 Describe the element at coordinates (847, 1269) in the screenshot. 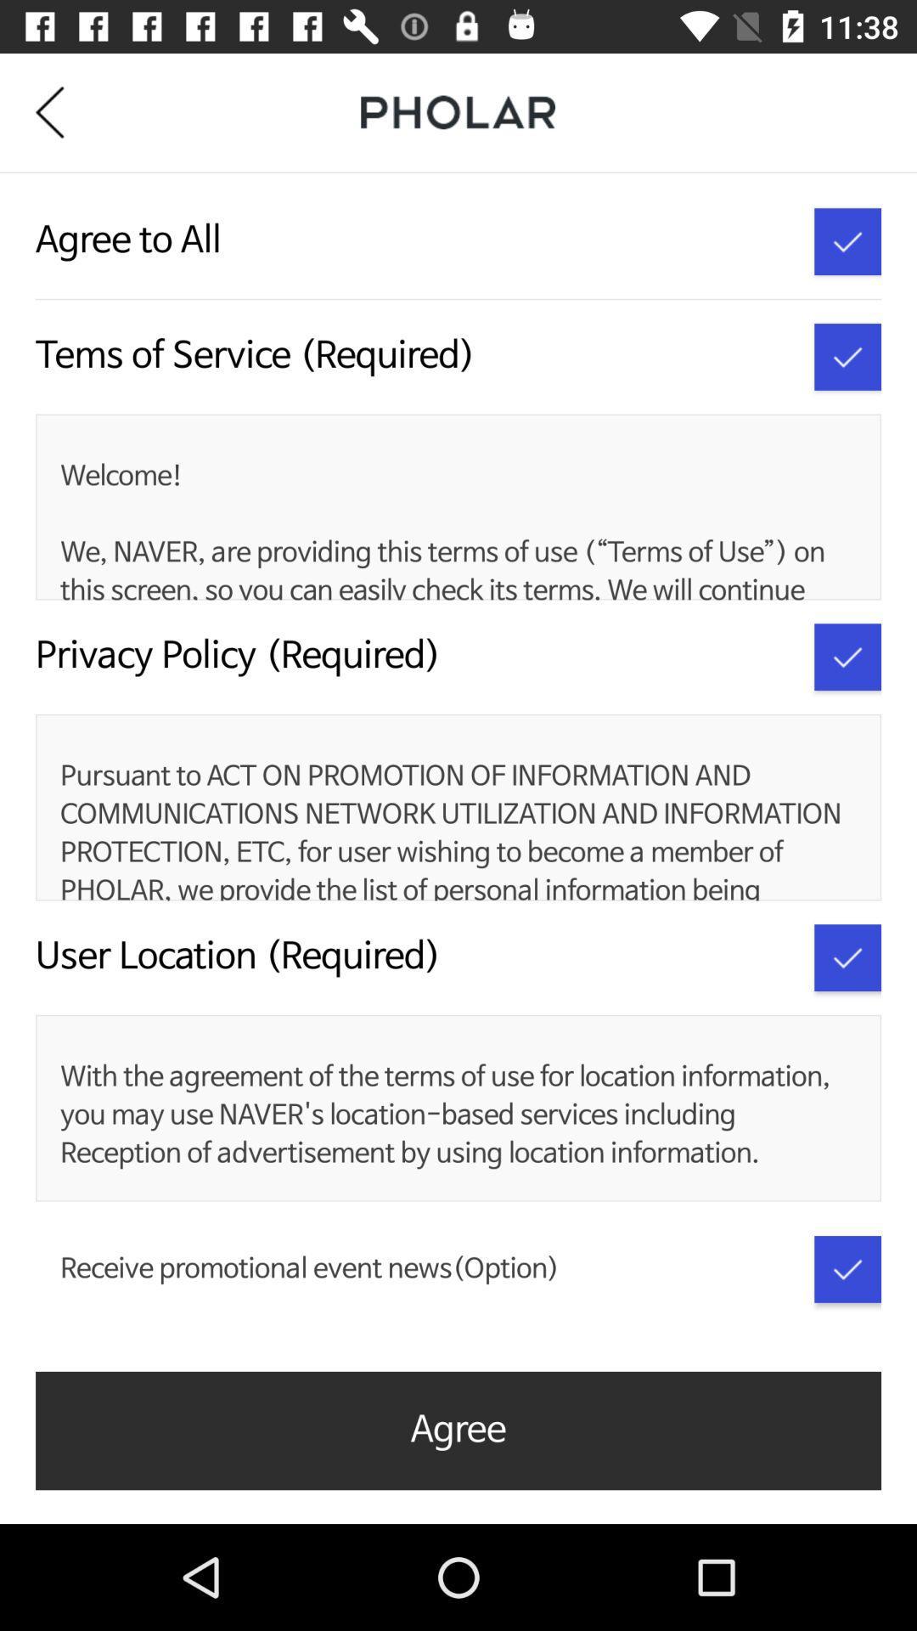

I see `receive promotional event news` at that location.